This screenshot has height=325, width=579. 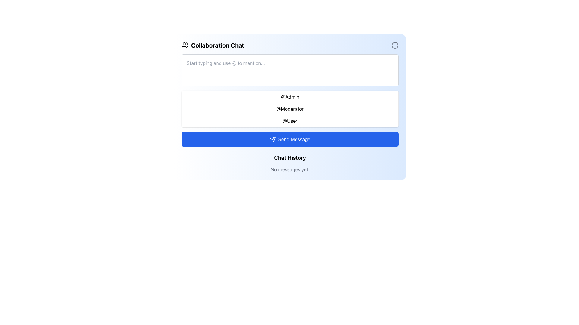 I want to click on the third list item containing the text '@User', so click(x=290, y=121).